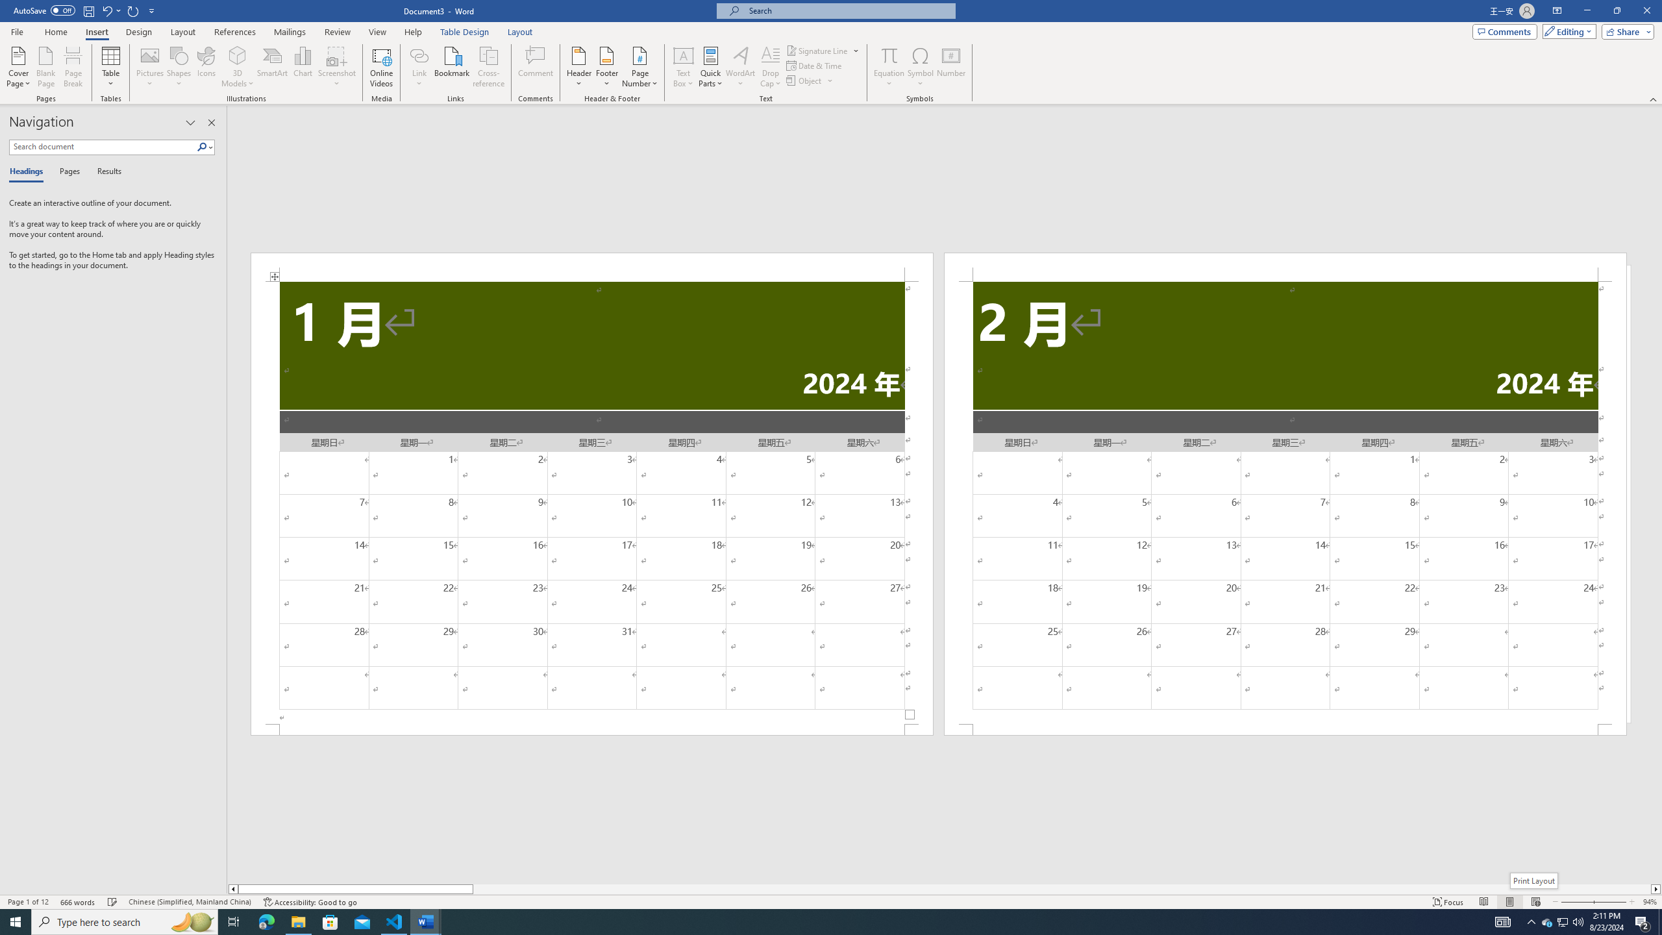 The height and width of the screenshot is (935, 1662). I want to click on 'Blank Page', so click(45, 67).